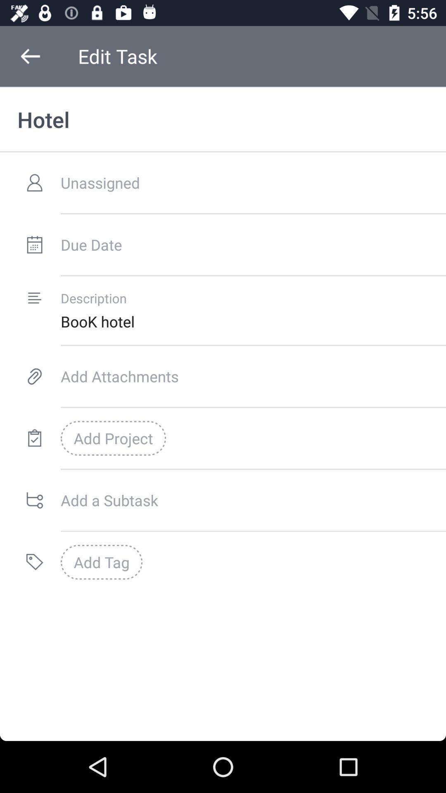  I want to click on item next to edit task icon, so click(30, 56).